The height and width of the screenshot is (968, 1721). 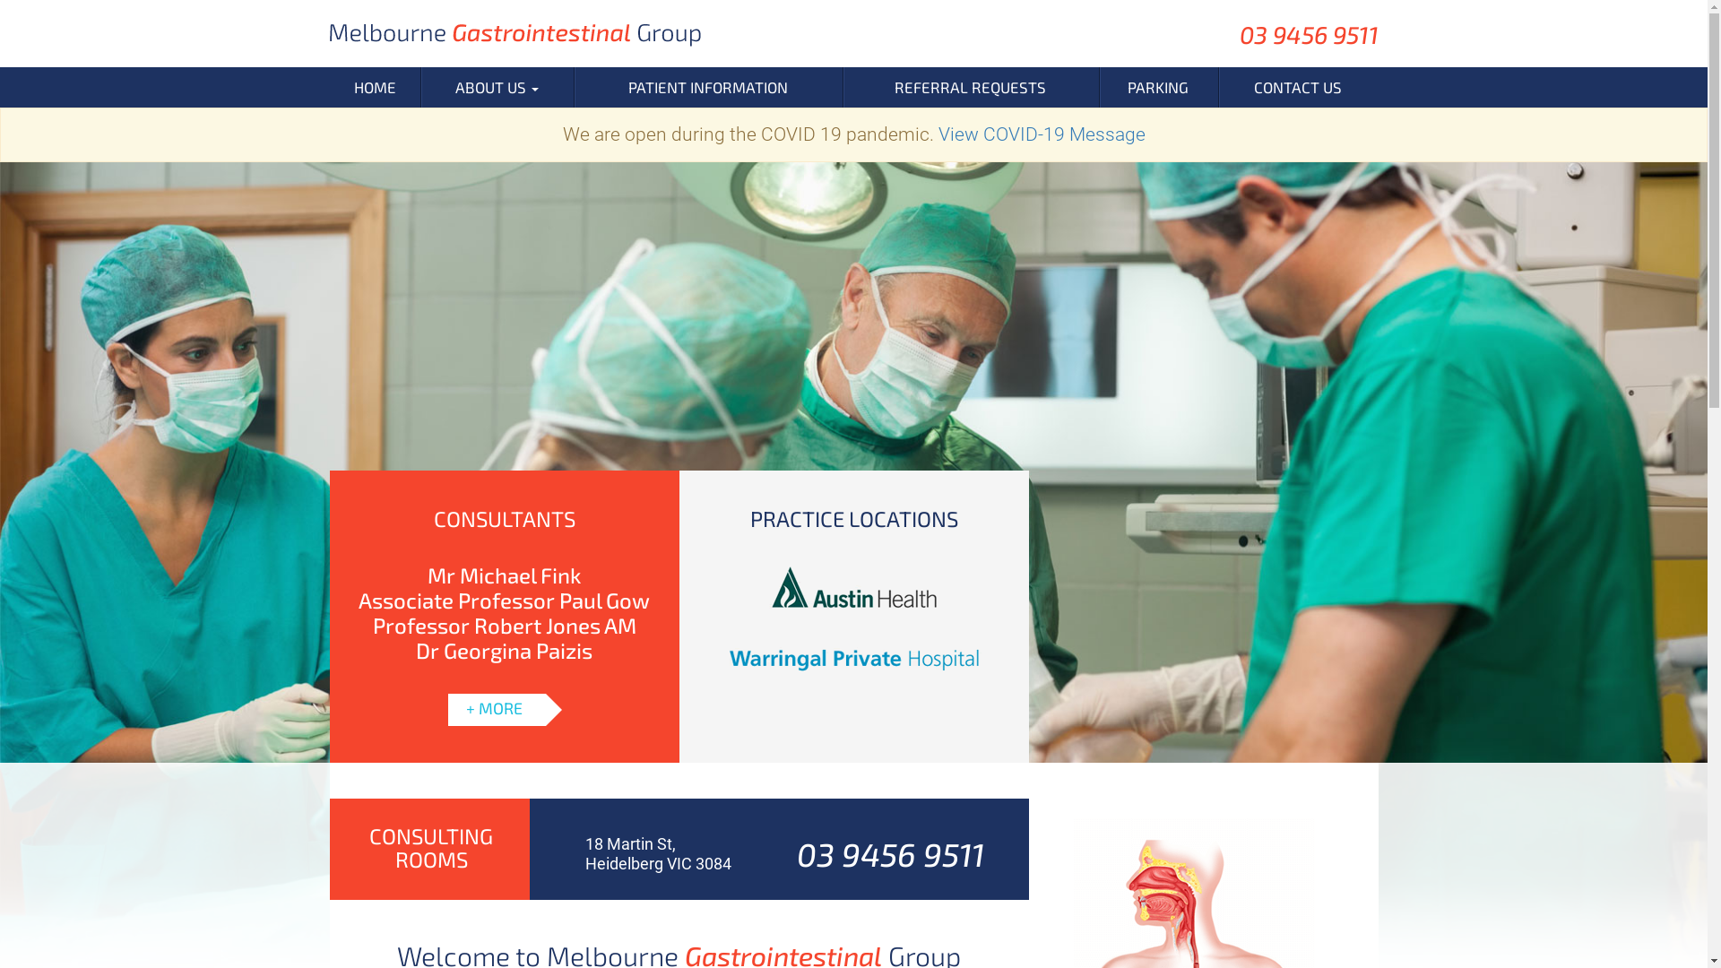 What do you see at coordinates (1298, 87) in the screenshot?
I see `'CONTACT US'` at bounding box center [1298, 87].